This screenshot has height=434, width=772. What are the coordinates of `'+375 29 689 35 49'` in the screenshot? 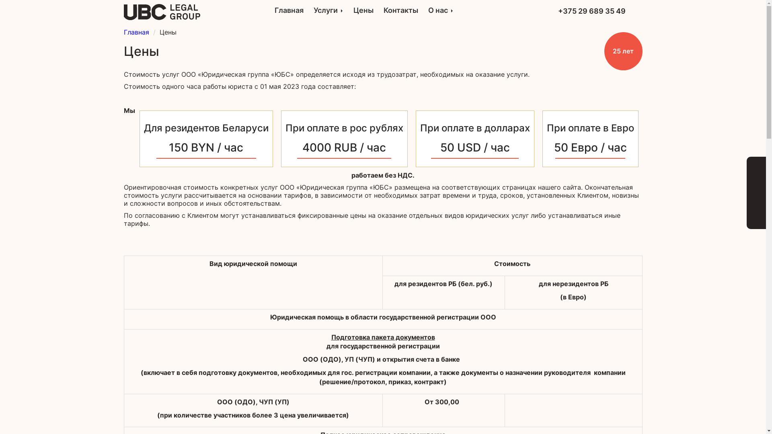 It's located at (592, 11).